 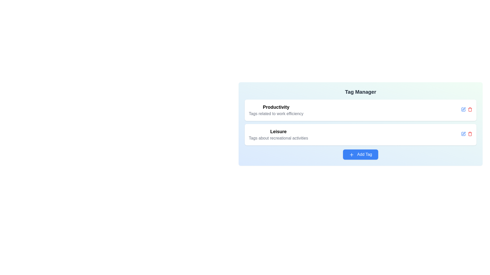 What do you see at coordinates (360, 154) in the screenshot?
I see `the medium-sized rectangular button with a blue background and white text reading 'Add Tag', located below the 'Productivity' and 'Leisure' sections` at bounding box center [360, 154].